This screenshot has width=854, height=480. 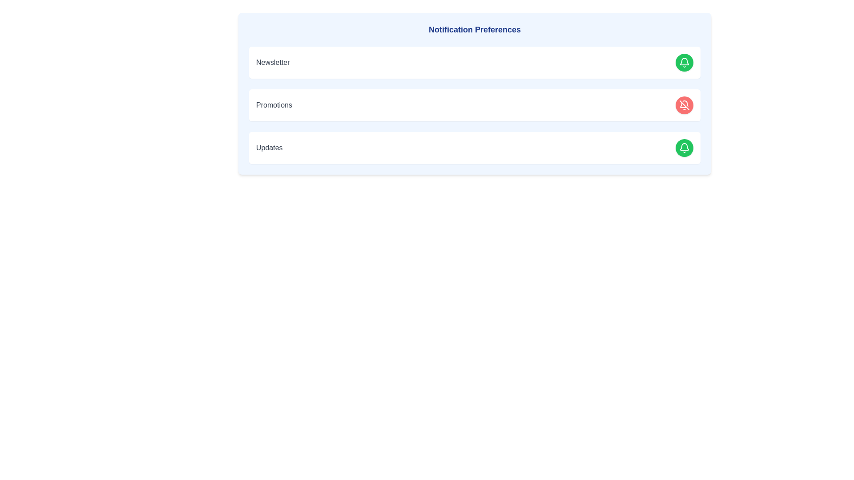 What do you see at coordinates (684, 147) in the screenshot?
I see `the button associated with 'Updates' to toggle its notification preference` at bounding box center [684, 147].